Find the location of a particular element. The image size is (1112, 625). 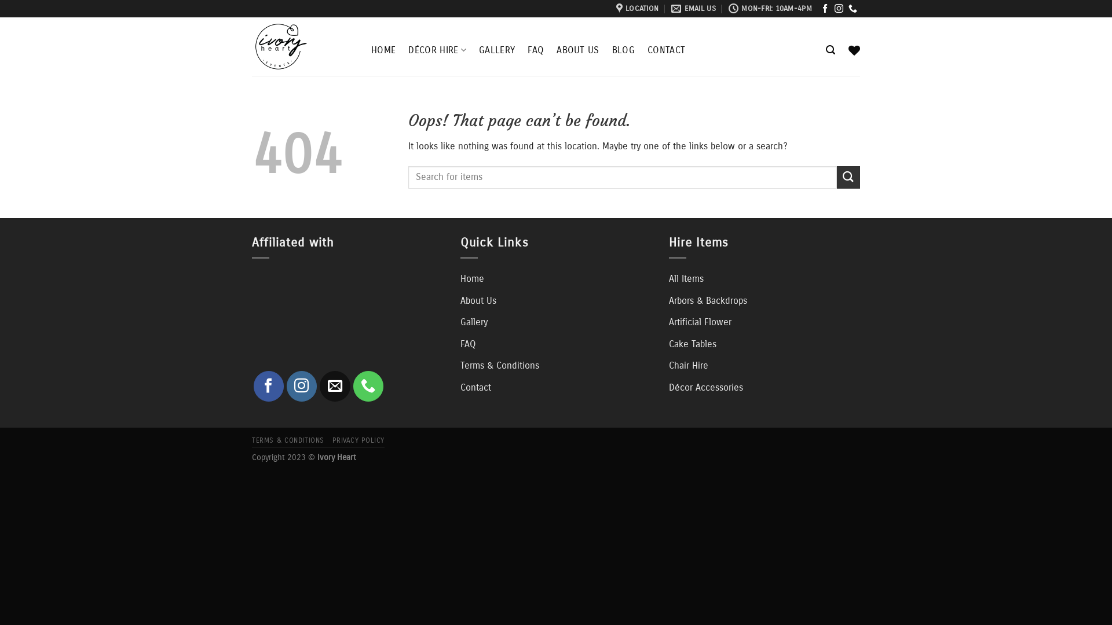

'Home' is located at coordinates (460, 279).